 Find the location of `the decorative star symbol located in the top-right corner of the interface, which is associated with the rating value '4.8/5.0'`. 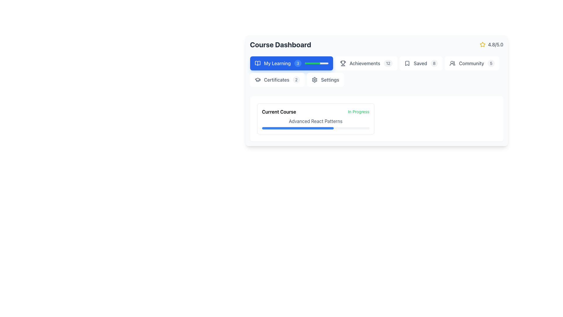

the decorative star symbol located in the top-right corner of the interface, which is associated with the rating value '4.8/5.0' is located at coordinates (483, 44).